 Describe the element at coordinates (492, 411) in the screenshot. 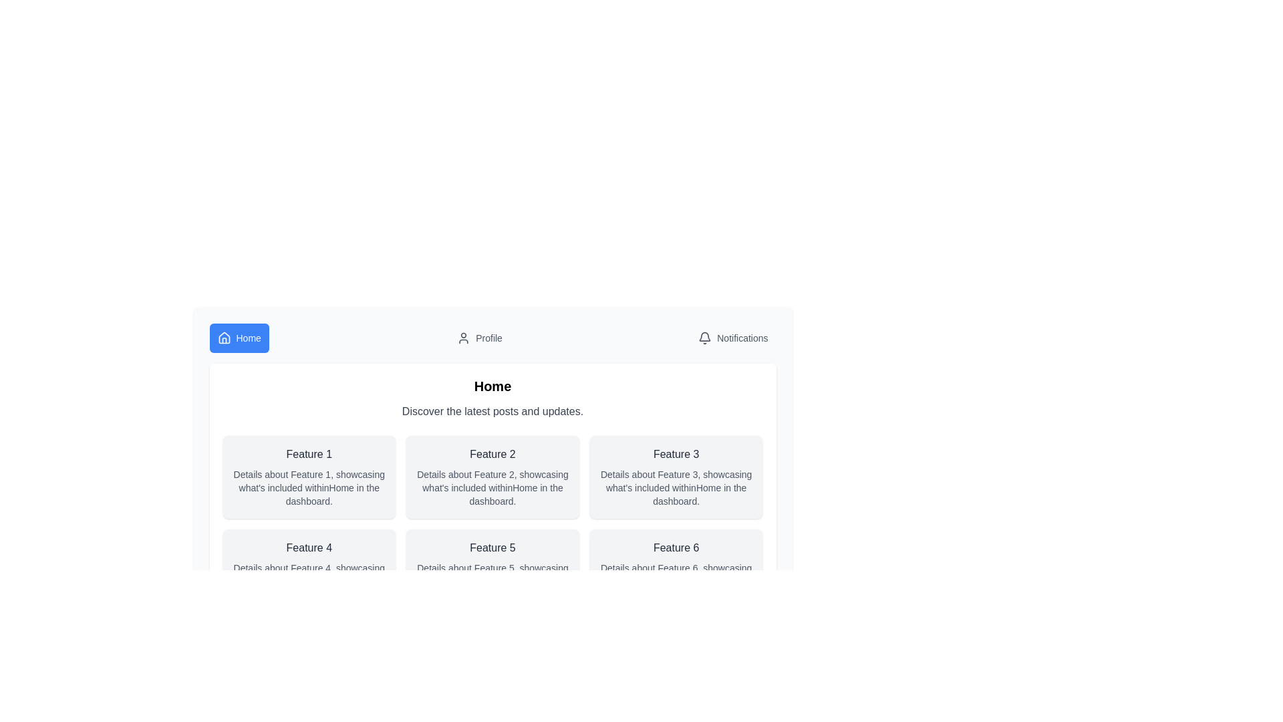

I see `the introductory Text Label located below the 'Home' header, which provides context for the section` at that location.